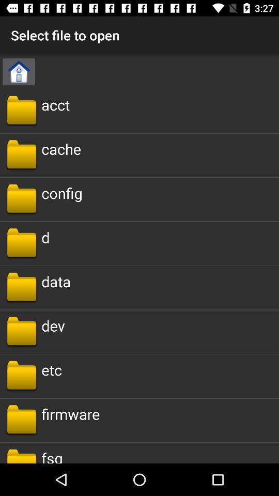  Describe the element at coordinates (70, 414) in the screenshot. I see `the firmware` at that location.